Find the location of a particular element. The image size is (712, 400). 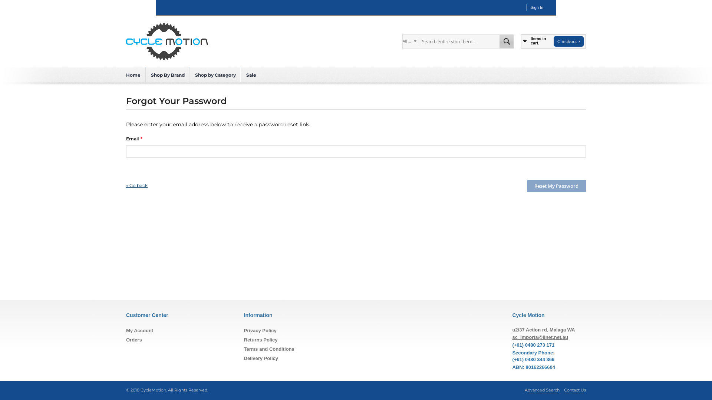

'Checkout' is located at coordinates (568, 41).